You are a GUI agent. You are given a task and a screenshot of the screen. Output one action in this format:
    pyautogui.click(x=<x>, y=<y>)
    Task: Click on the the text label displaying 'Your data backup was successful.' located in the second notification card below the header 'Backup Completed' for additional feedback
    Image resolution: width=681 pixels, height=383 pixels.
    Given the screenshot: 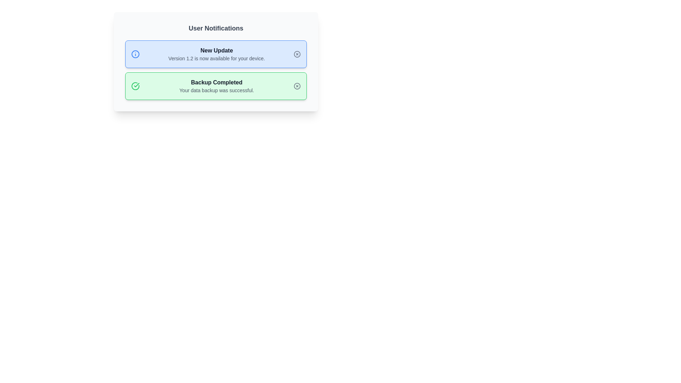 What is the action you would take?
    pyautogui.click(x=216, y=90)
    